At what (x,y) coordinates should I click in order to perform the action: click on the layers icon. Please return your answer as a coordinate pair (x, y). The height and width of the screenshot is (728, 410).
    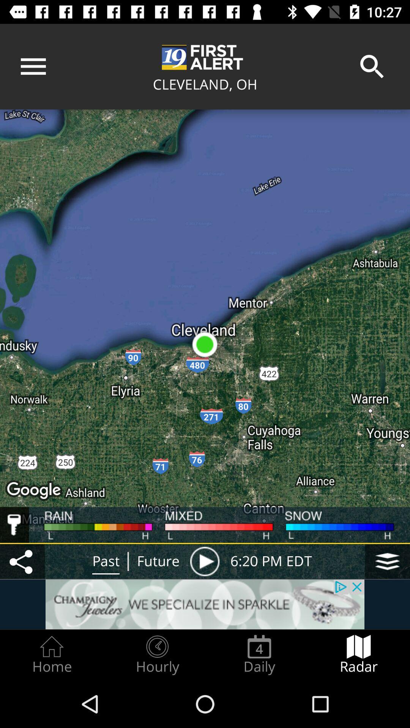
    Looking at the image, I should click on (387, 561).